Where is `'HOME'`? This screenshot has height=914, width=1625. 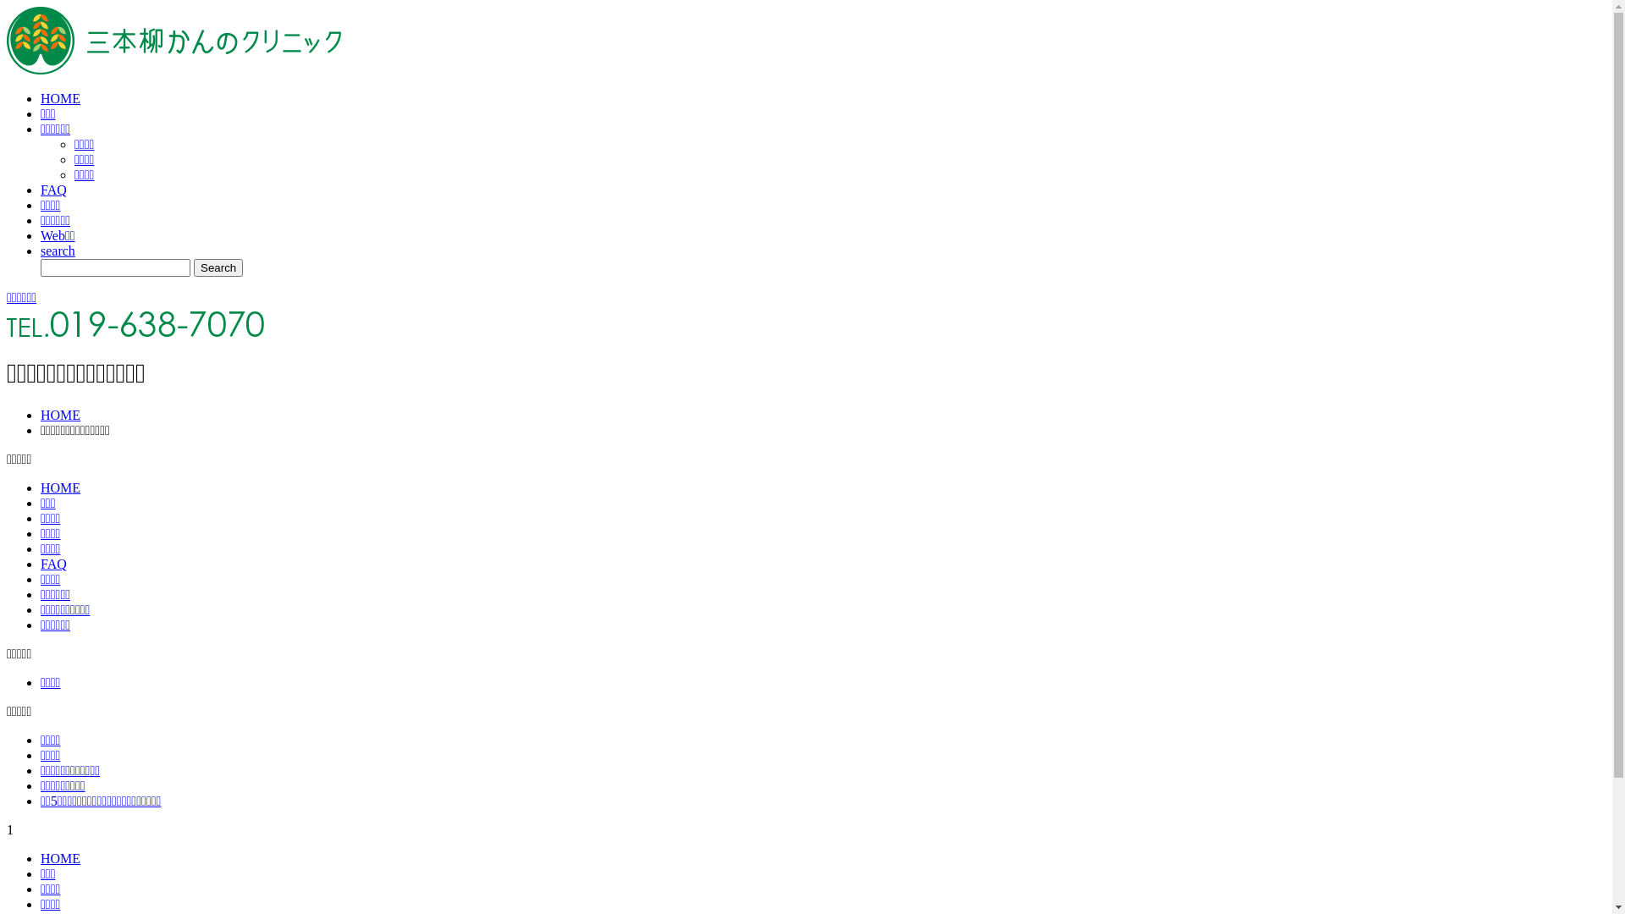
'HOME' is located at coordinates (60, 858).